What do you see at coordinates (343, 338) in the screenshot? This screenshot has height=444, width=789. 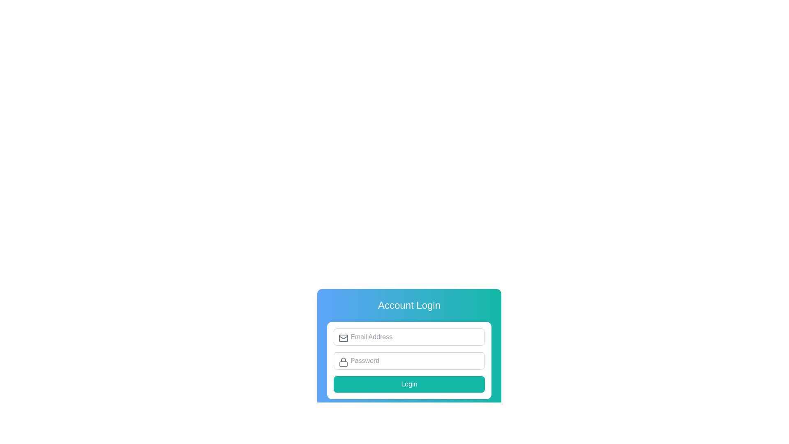 I see `the email icon located in the upper-left corner of the email input field, which visually indicates that the input is for an email address` at bounding box center [343, 338].